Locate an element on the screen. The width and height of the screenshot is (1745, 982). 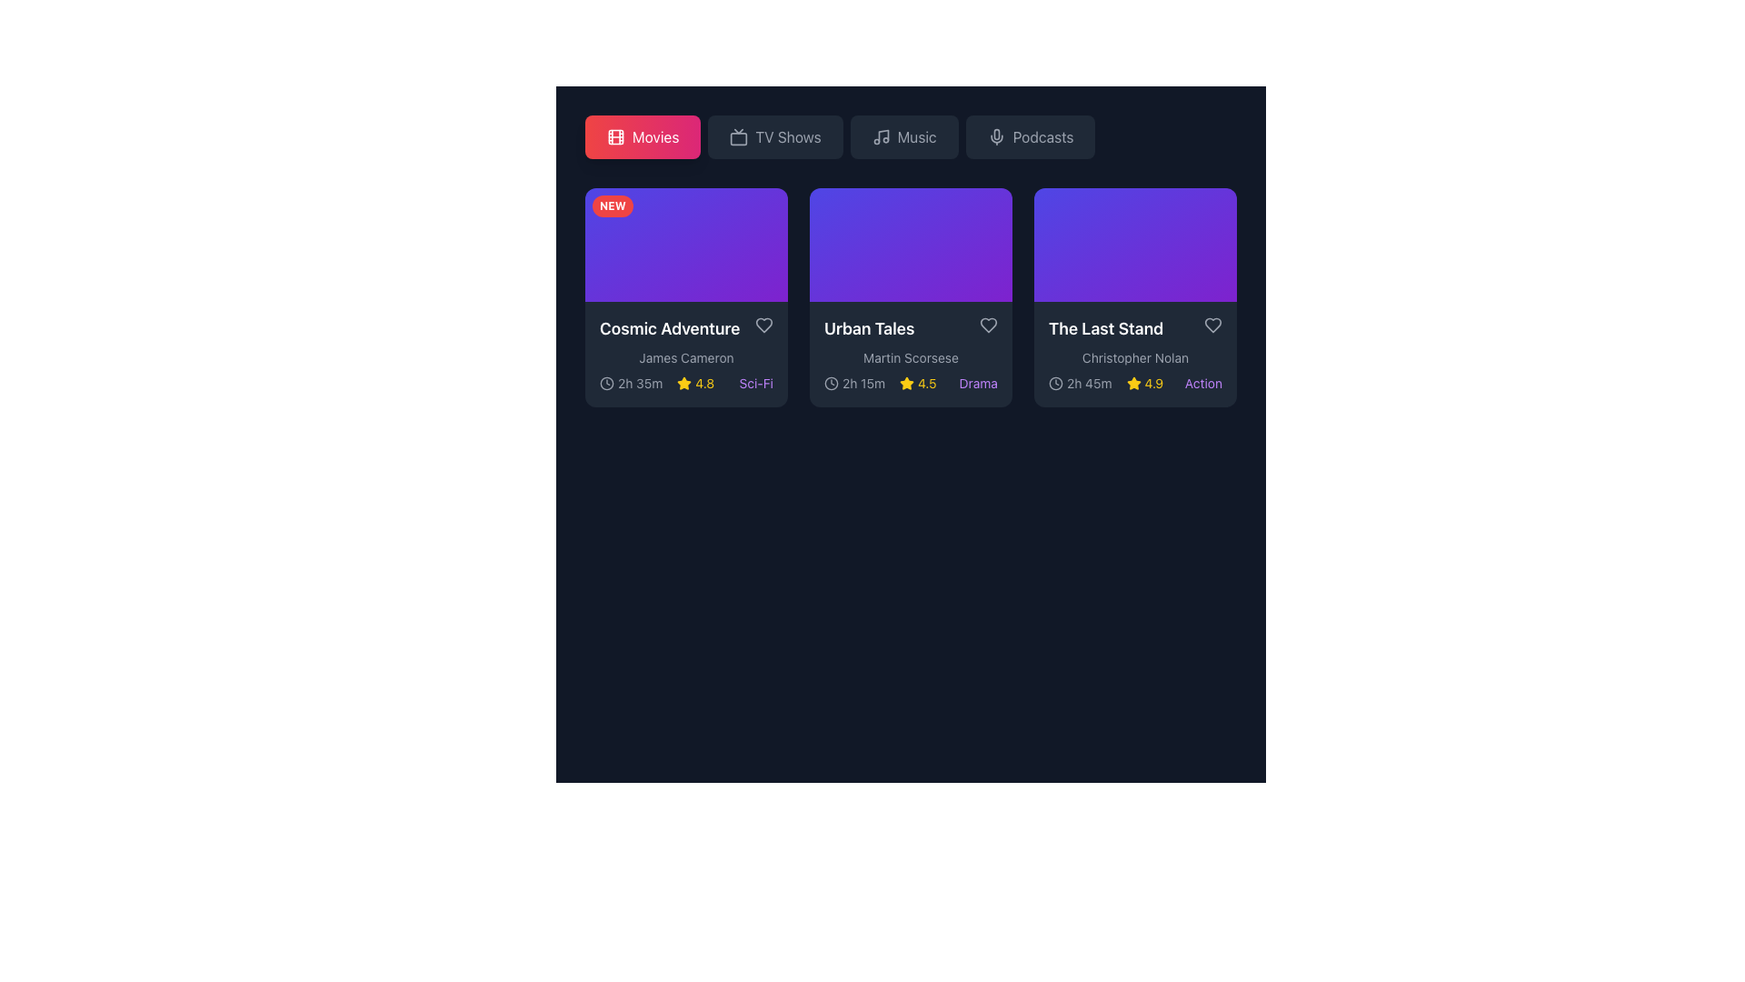
text displayed in the 'Action' genre label located at the bottom right corner of the third card from the left, next to the yellow '4.9' rating label is located at coordinates (1203, 383).